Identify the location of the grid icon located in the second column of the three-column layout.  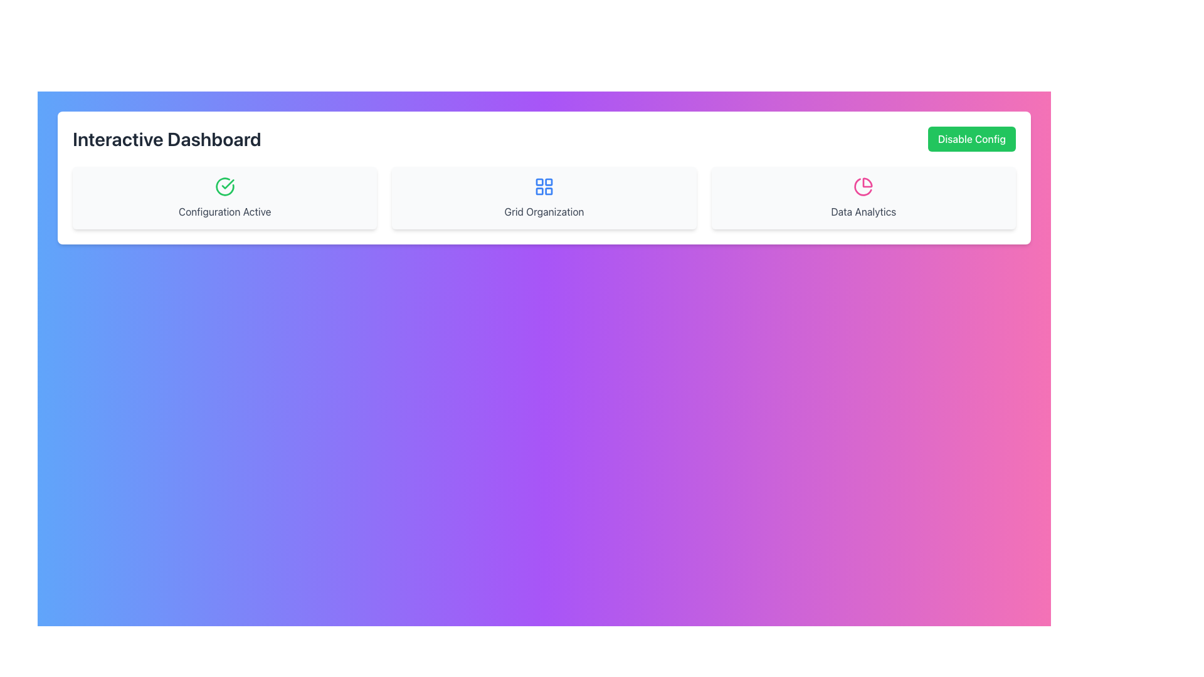
(544, 186).